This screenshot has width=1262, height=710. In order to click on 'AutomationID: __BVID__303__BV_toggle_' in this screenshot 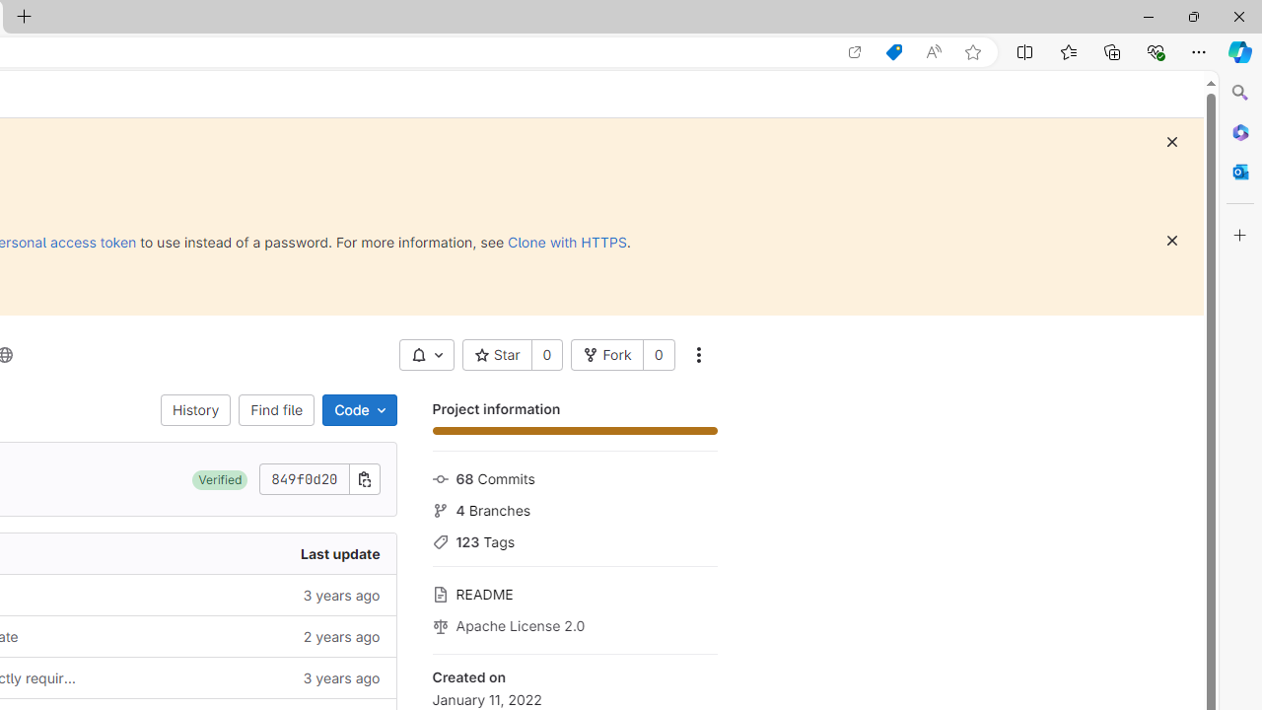, I will do `click(425, 355)`.